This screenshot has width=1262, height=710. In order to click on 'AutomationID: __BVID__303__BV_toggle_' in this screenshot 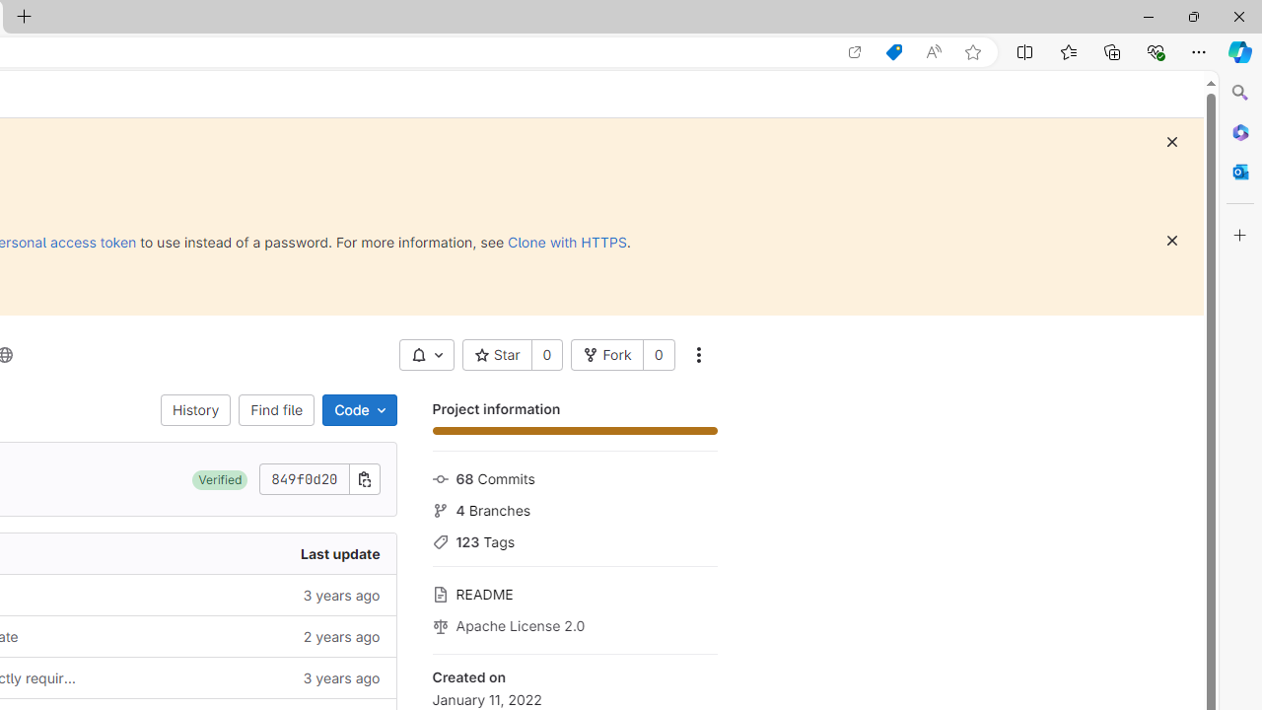, I will do `click(425, 355)`.